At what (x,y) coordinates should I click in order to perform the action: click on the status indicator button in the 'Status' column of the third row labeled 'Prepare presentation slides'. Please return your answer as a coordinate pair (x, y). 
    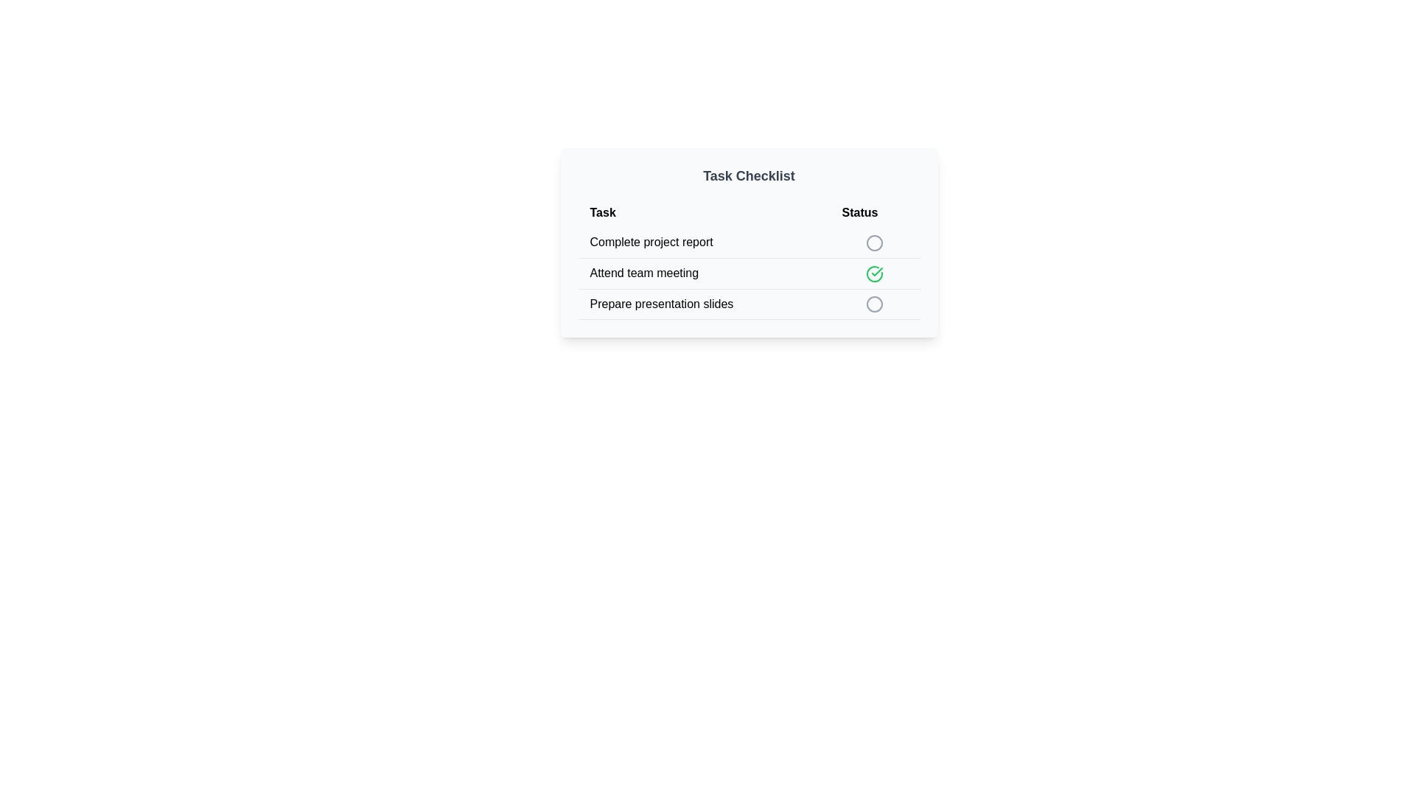
    Looking at the image, I should click on (875, 303).